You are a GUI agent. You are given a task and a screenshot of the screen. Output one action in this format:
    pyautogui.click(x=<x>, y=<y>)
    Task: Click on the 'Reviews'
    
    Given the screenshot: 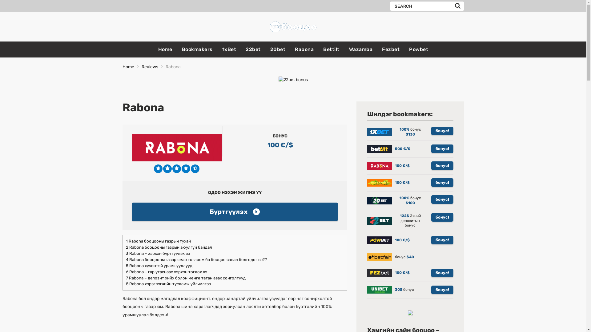 What is the action you would take?
    pyautogui.click(x=150, y=67)
    